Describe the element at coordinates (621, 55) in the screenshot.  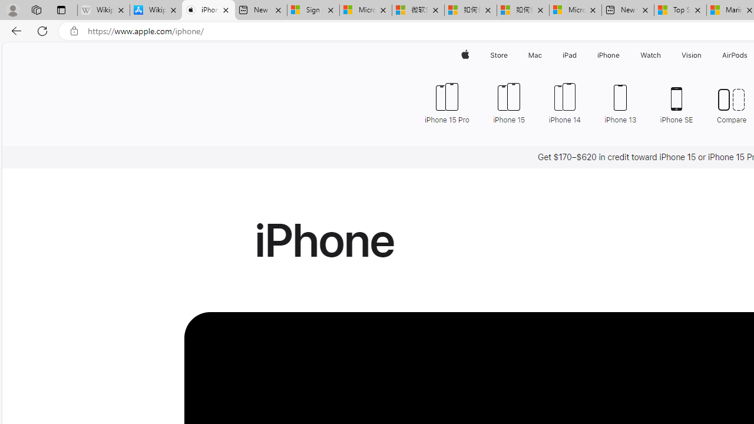
I see `'iPhone menu'` at that location.